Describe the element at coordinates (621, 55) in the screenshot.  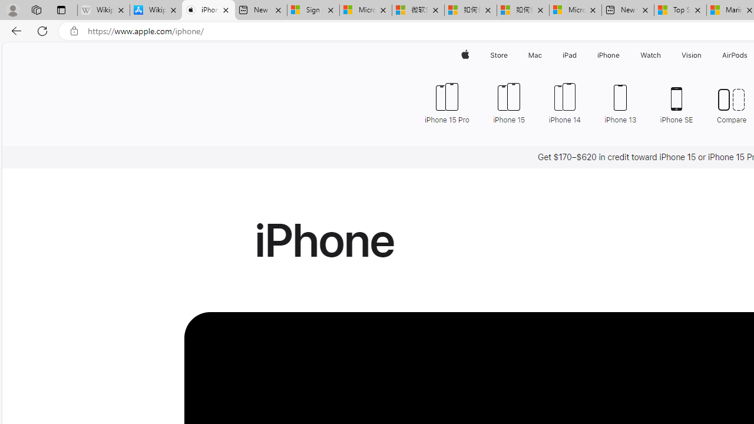
I see `'iPhone menu'` at that location.